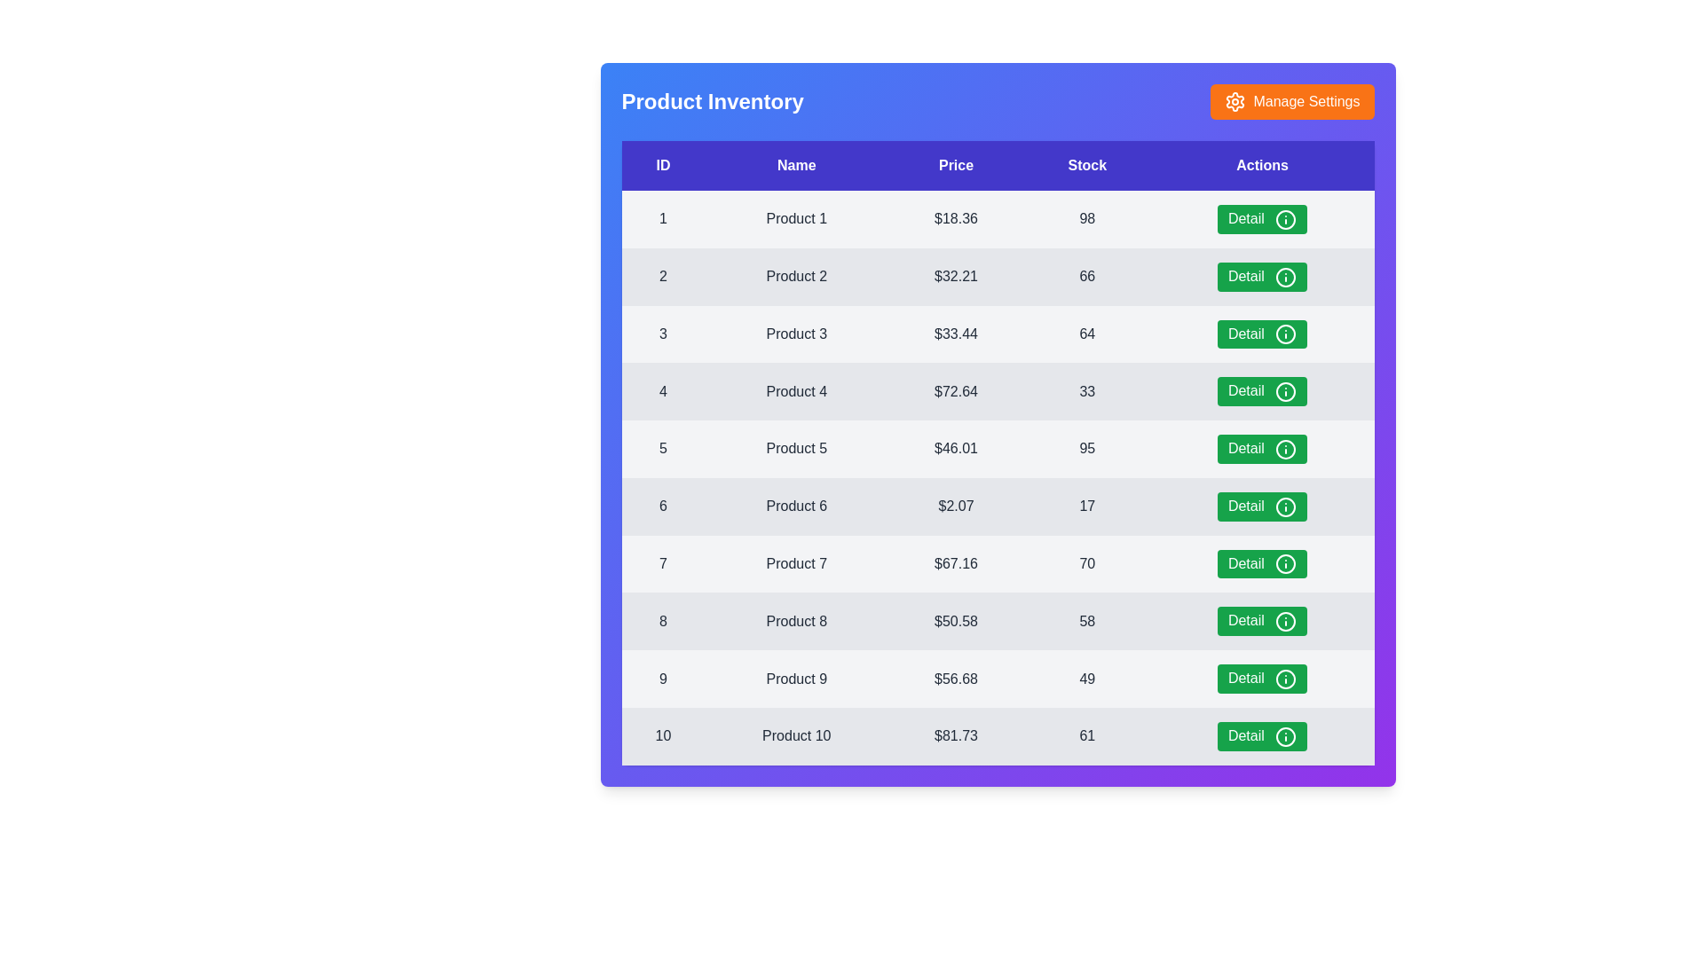 This screenshot has height=958, width=1704. What do you see at coordinates (795, 165) in the screenshot?
I see `the table header Name to sort the table by that column` at bounding box center [795, 165].